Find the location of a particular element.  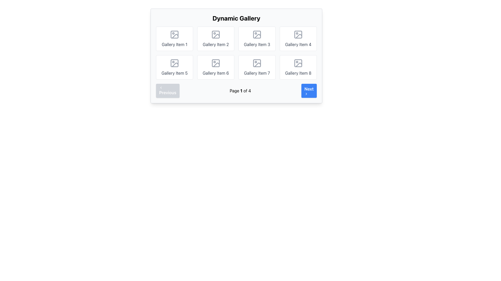

the icon placeholder for the image representation in the 'Gallery Item 2' located in the second column of the gallery grid on the first row is located at coordinates (216, 34).